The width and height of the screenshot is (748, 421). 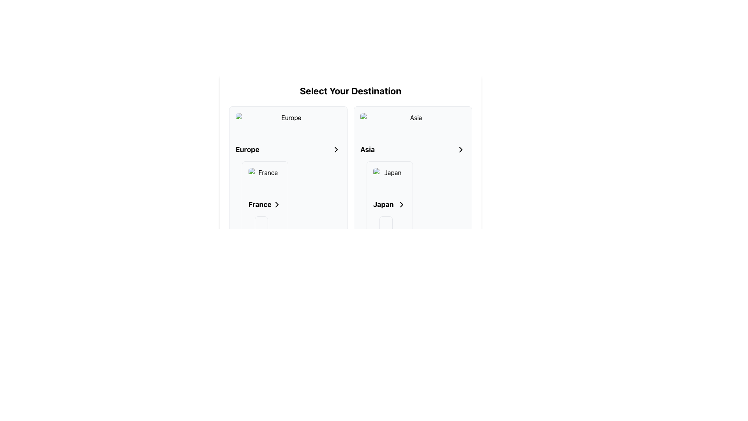 I want to click on the 'France' button located below the 'Europe' header, so click(x=291, y=219).